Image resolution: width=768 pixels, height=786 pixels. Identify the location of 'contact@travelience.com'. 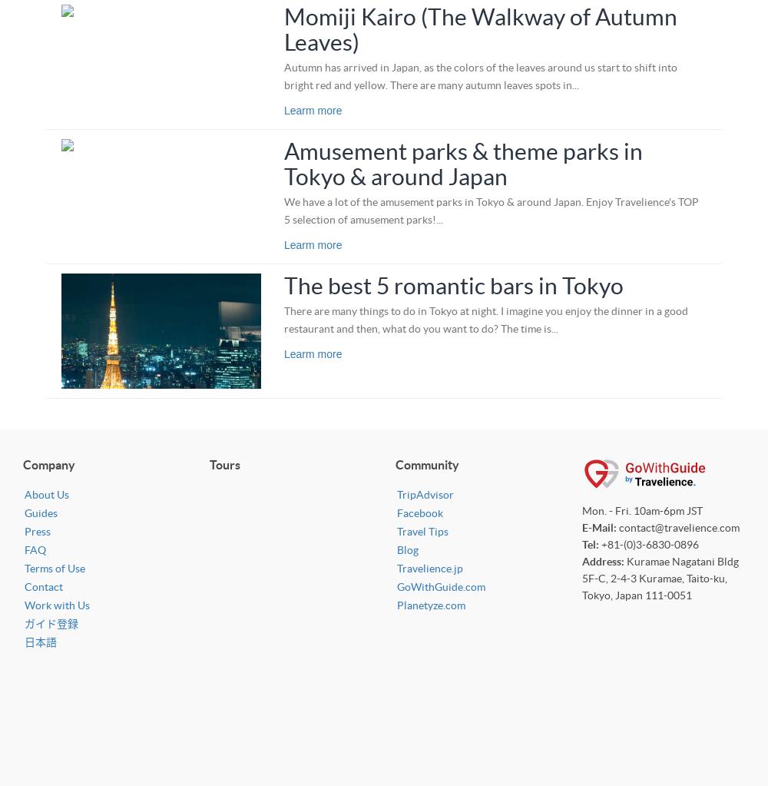
(677, 526).